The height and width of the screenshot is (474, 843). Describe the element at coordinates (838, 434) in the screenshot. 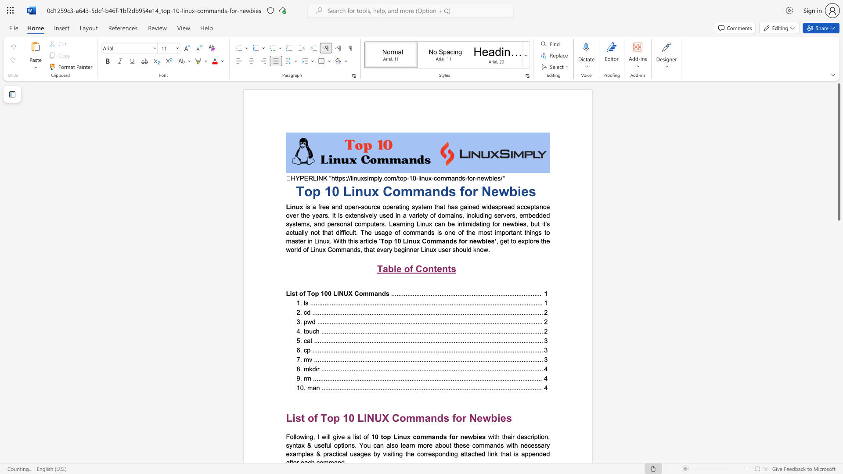

I see `the scrollbar to scroll the page down` at that location.